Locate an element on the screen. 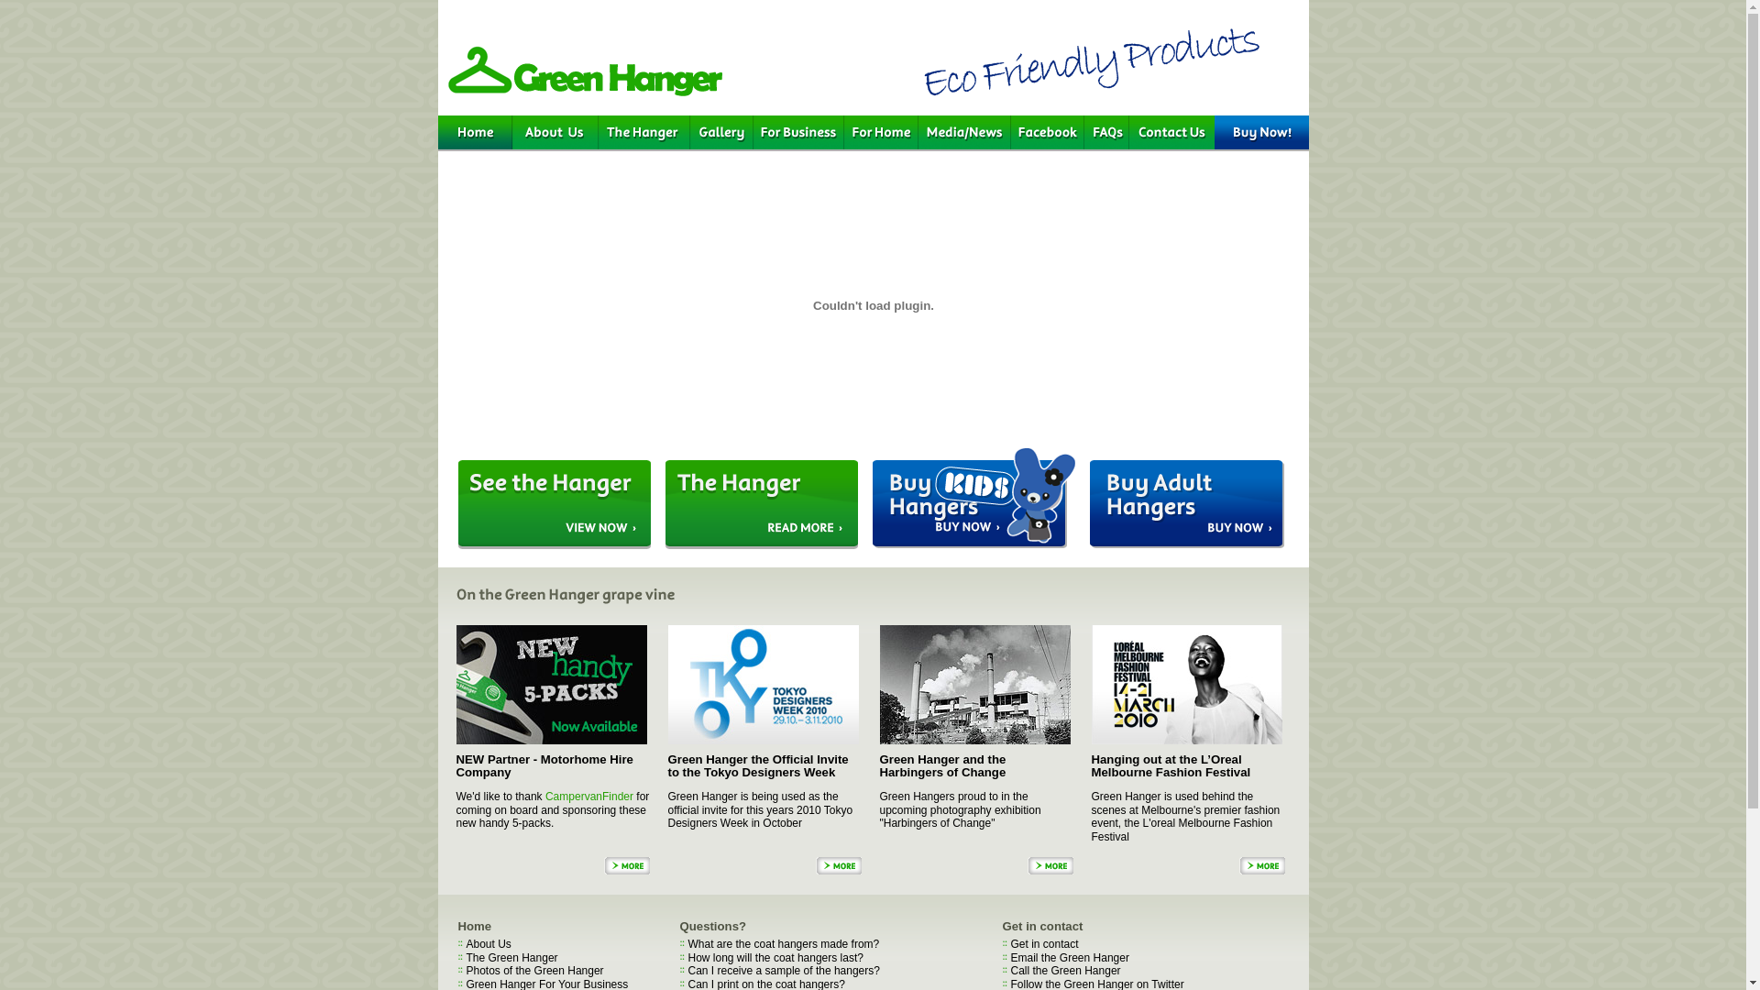 The image size is (1760, 990). 'Gallery' is located at coordinates (688, 132).